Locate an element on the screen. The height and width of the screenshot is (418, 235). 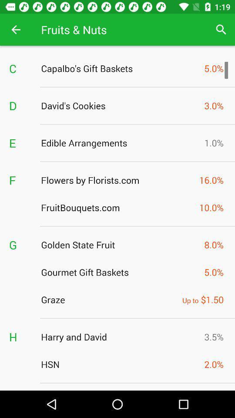
the icon to the left of fruits & nuts is located at coordinates (16, 30).